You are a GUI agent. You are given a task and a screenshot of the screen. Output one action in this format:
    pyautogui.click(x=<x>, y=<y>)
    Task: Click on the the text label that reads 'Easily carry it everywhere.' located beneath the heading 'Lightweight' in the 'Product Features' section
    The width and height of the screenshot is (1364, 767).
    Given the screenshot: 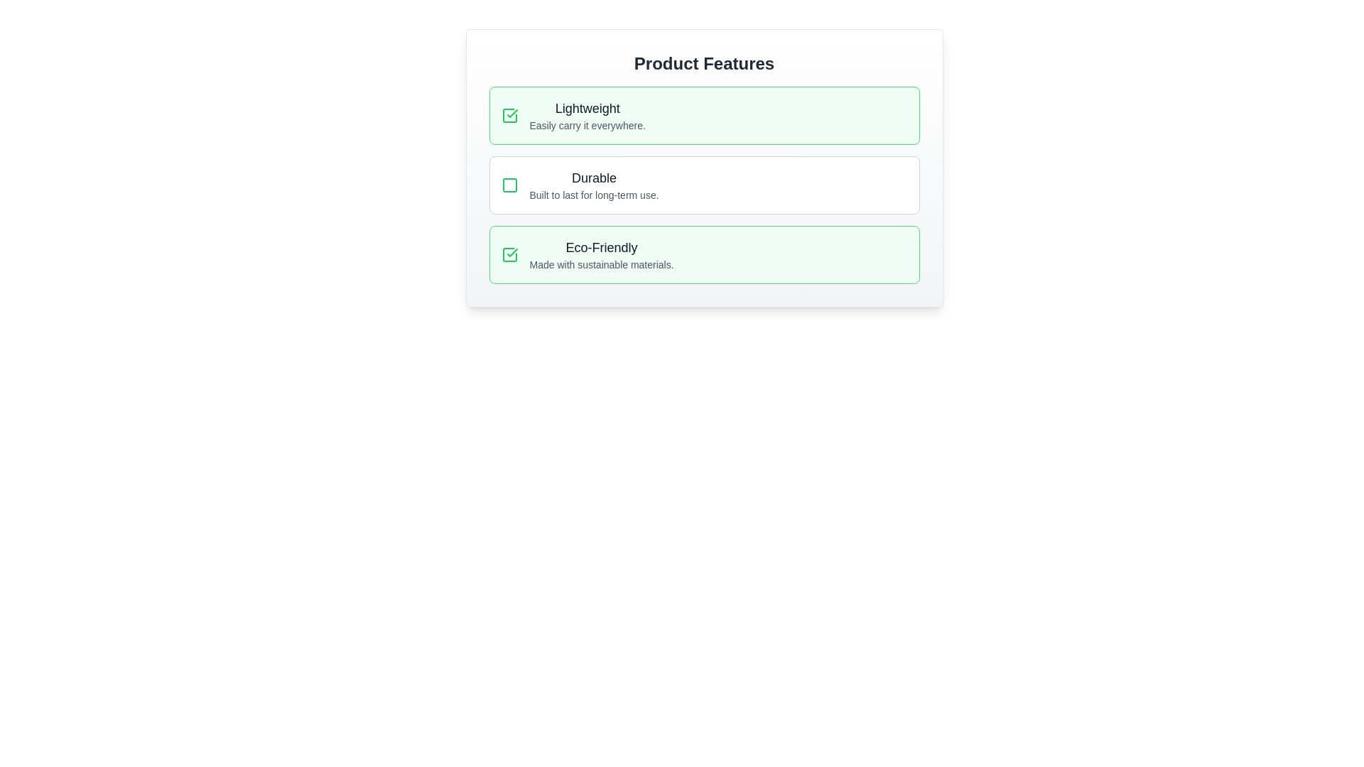 What is the action you would take?
    pyautogui.click(x=588, y=125)
    